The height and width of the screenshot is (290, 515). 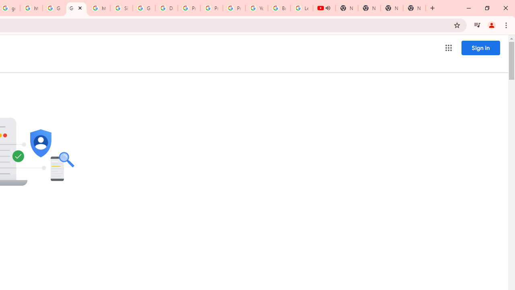 I want to click on 'https://scholar.google.com/', so click(x=31, y=8).